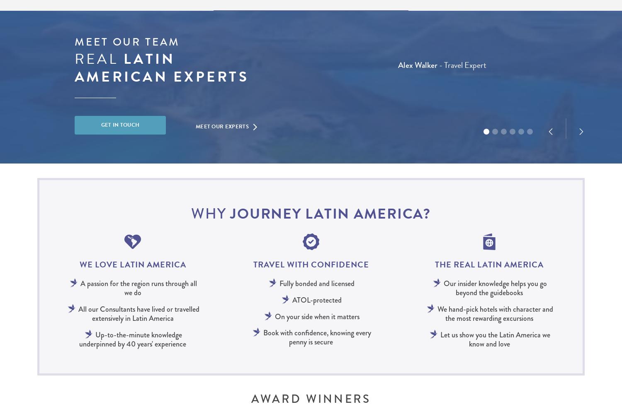 The image size is (622, 409). What do you see at coordinates (120, 124) in the screenshot?
I see `'Get in touch'` at bounding box center [120, 124].